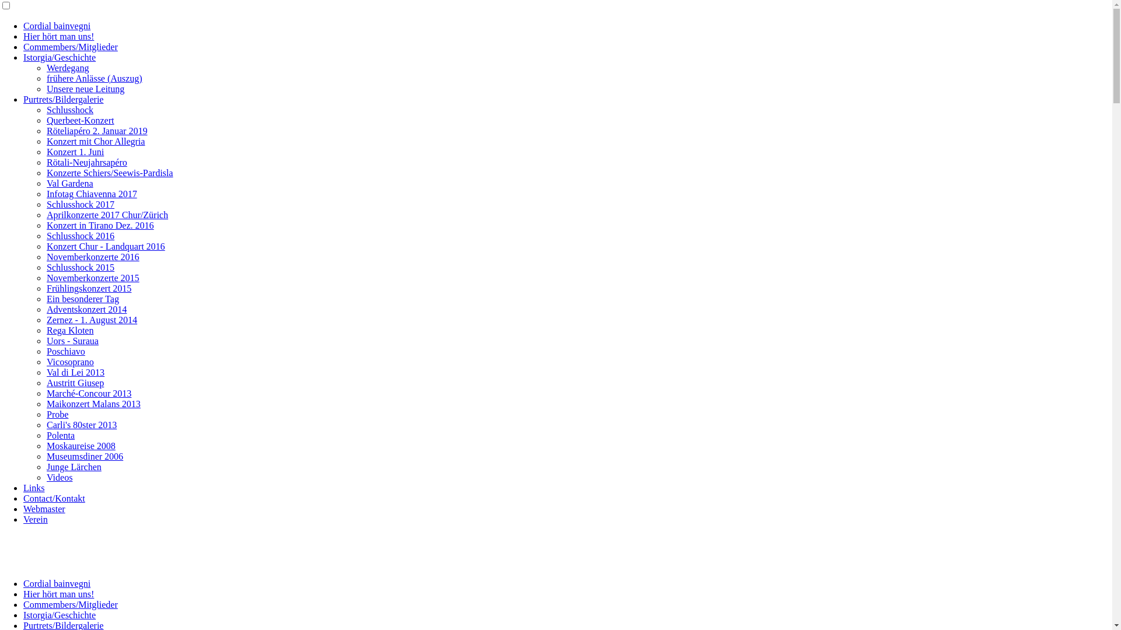  Describe the element at coordinates (47, 330) in the screenshot. I see `'Rega Kloten'` at that location.